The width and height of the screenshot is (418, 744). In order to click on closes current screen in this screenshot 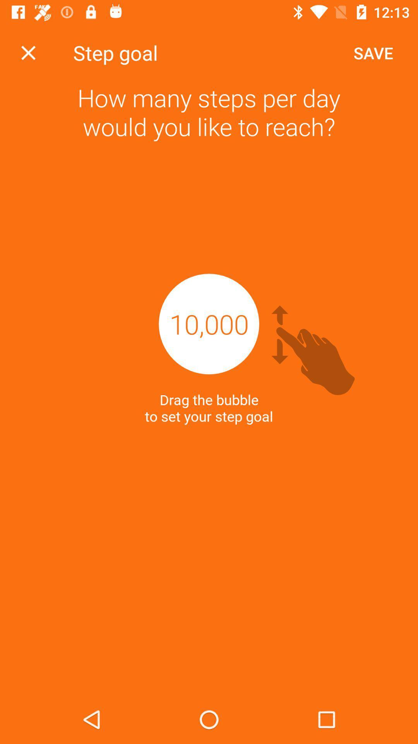, I will do `click(28, 52)`.